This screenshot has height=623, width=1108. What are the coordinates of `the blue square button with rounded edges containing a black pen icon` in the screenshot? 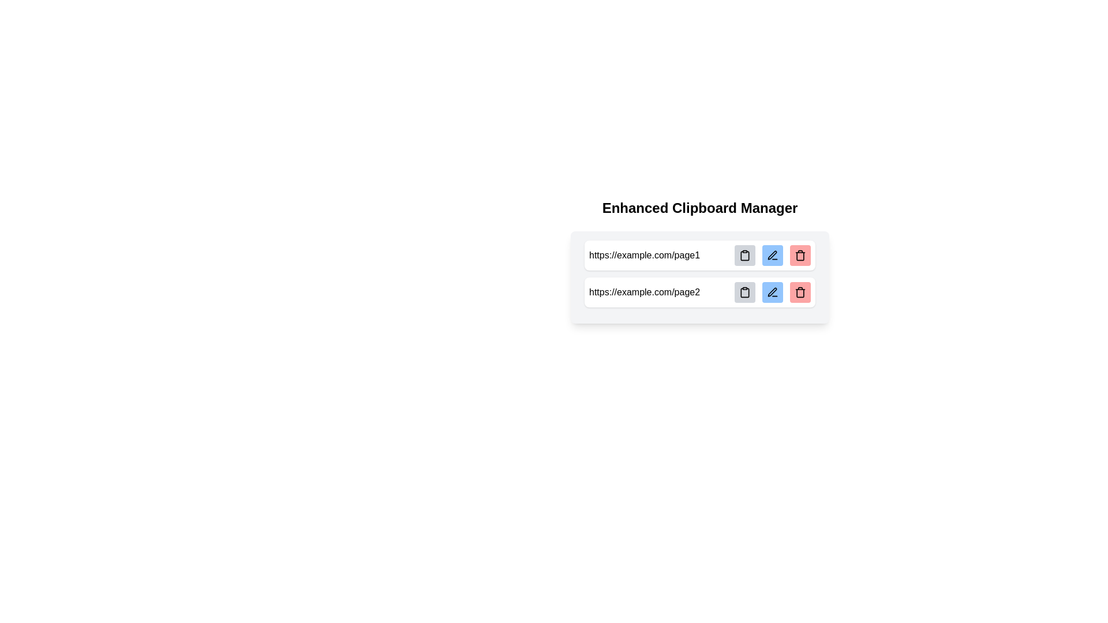 It's located at (773, 291).